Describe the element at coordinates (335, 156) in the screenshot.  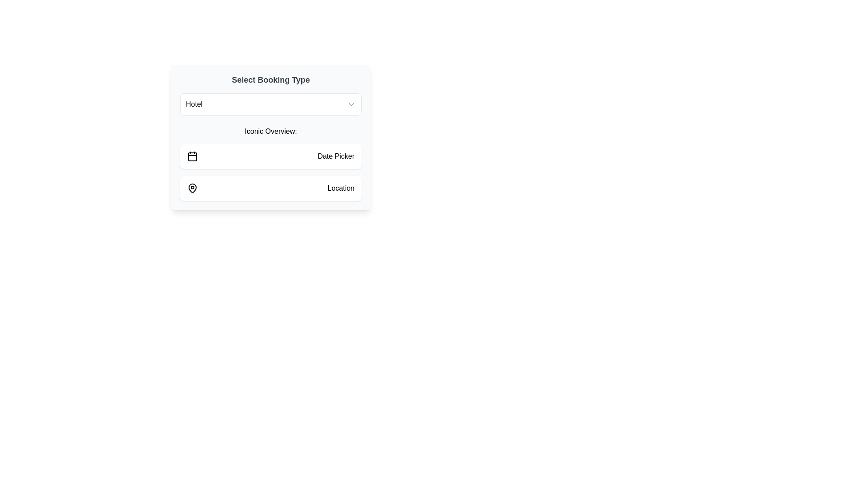
I see `the 'Date Picker' text label, which is styled in bold black font and aligned to the right within a white rectangular section` at that location.